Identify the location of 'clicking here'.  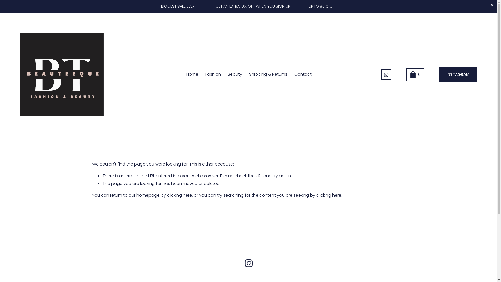
(179, 195).